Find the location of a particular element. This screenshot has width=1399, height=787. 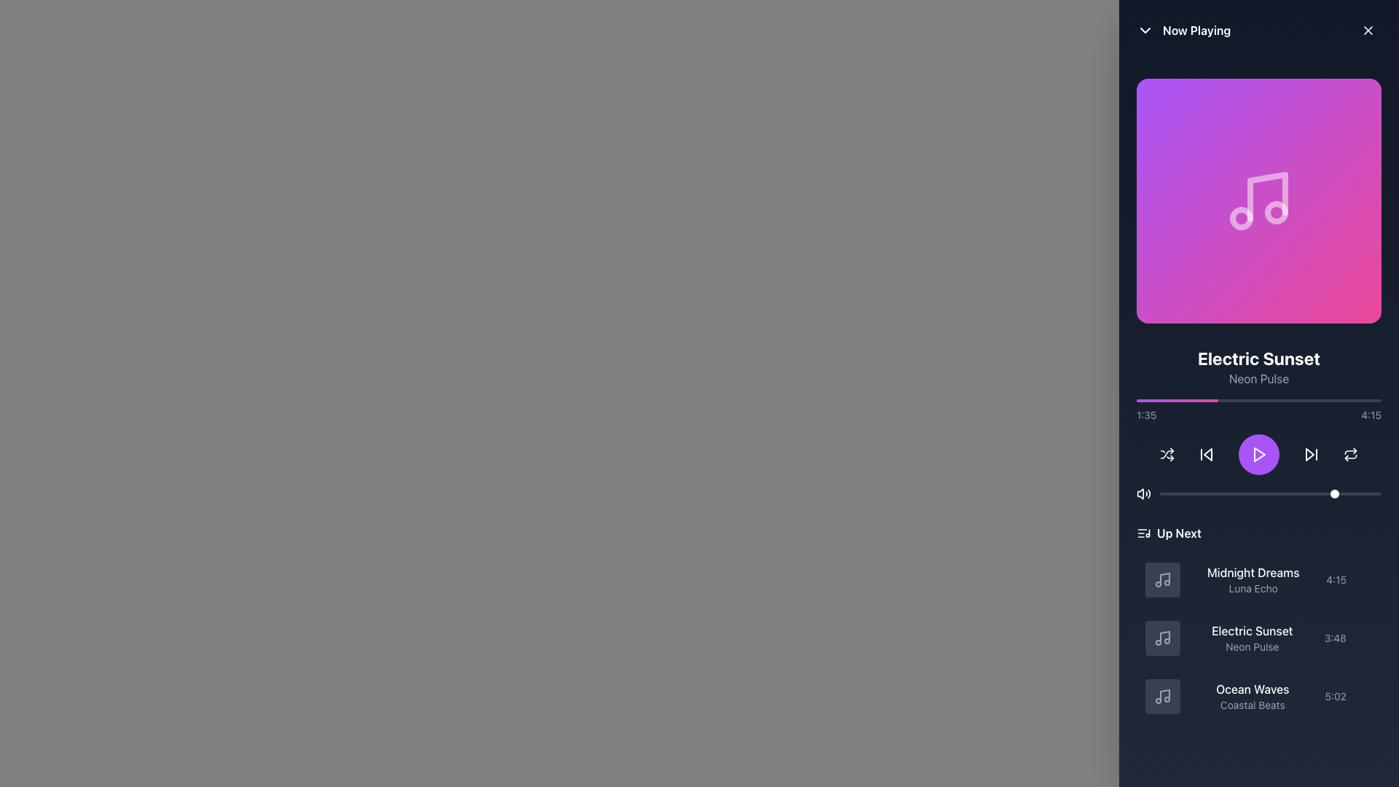

the forward skip button, which is the fifth icon from the left among the playback control icons beneath the song title, to skip to the next track is located at coordinates (1312, 454).